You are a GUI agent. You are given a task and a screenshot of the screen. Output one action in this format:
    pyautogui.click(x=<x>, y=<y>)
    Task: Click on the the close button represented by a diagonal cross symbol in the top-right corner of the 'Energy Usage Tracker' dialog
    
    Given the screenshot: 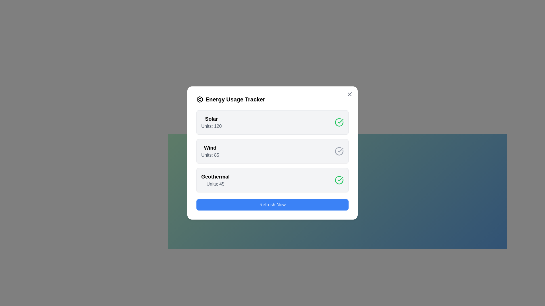 What is the action you would take?
    pyautogui.click(x=349, y=94)
    